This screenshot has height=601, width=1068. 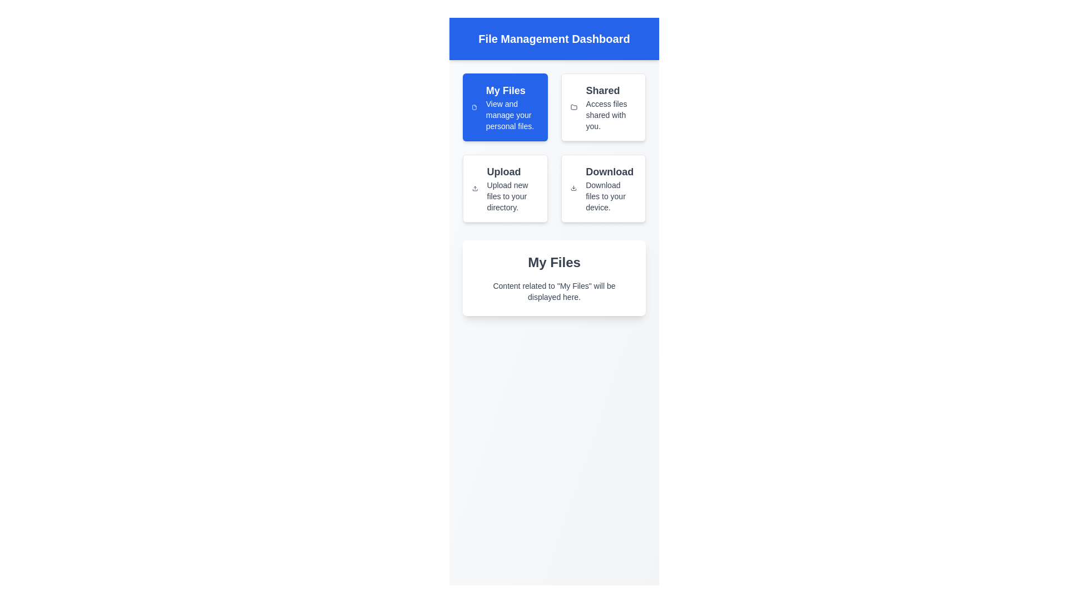 I want to click on the Upload indicator icon located in the 'File Management Dashboard' under the 'Upload' card, positioned to the left of the text 'Upload', so click(x=475, y=188).